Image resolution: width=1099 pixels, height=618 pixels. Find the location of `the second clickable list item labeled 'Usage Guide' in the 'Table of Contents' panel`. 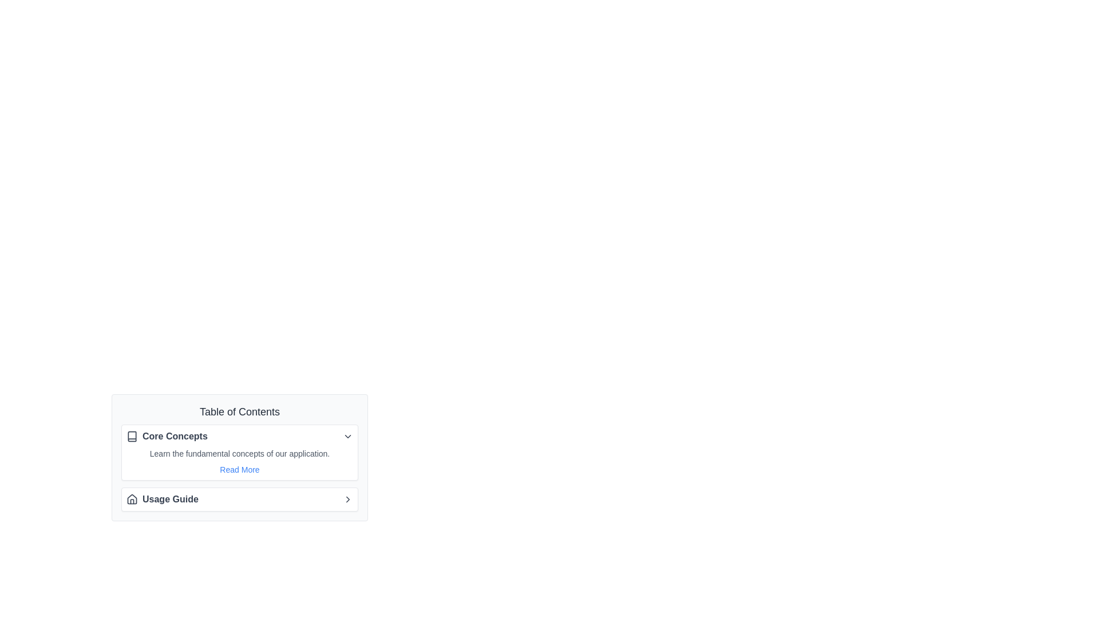

the second clickable list item labeled 'Usage Guide' in the 'Table of Contents' panel is located at coordinates (239, 498).